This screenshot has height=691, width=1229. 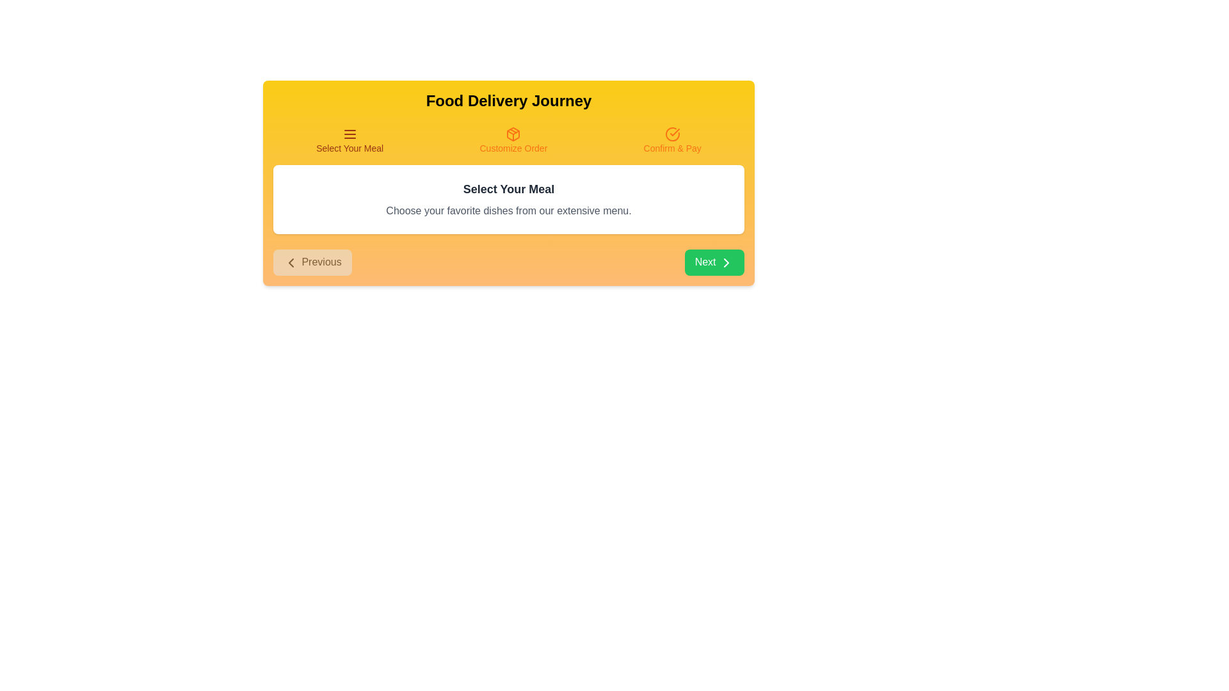 I want to click on the left-pointing chevron icon located in the bottom left section of the main interface to initiate a navigation action, so click(x=291, y=261).